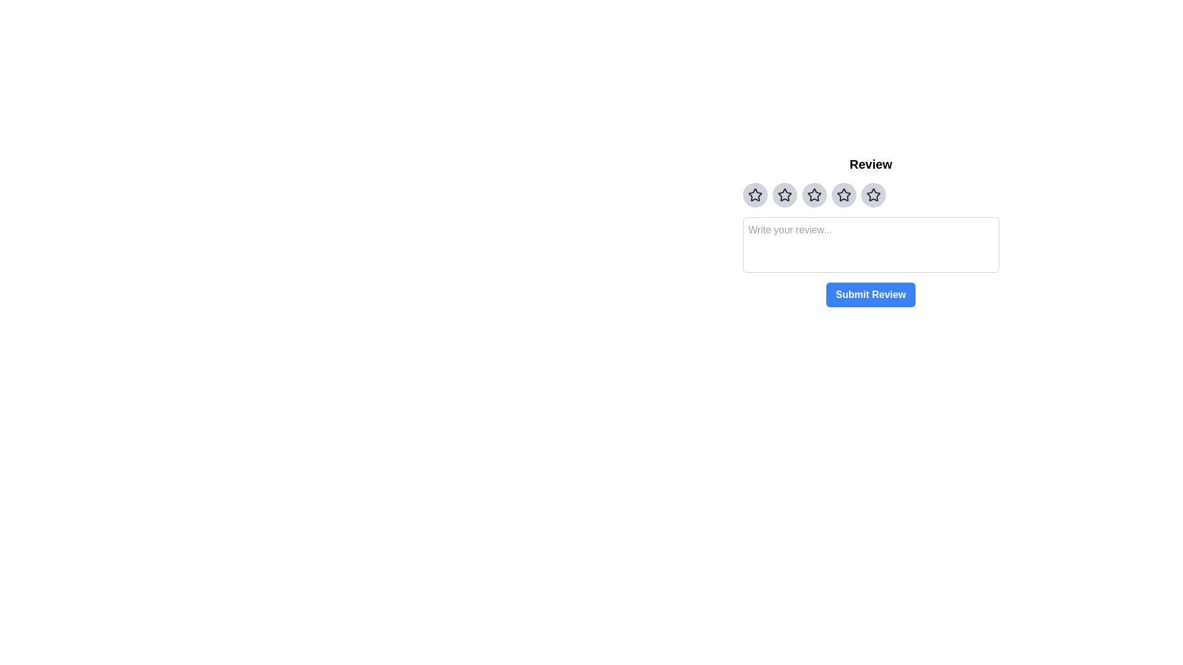 This screenshot has width=1183, height=665. I want to click on the 'Submit Review' button, which is a rectangular button with rounded corners, blue background, and white bold text, located at the bottom of the review submission interface, so click(870, 294).